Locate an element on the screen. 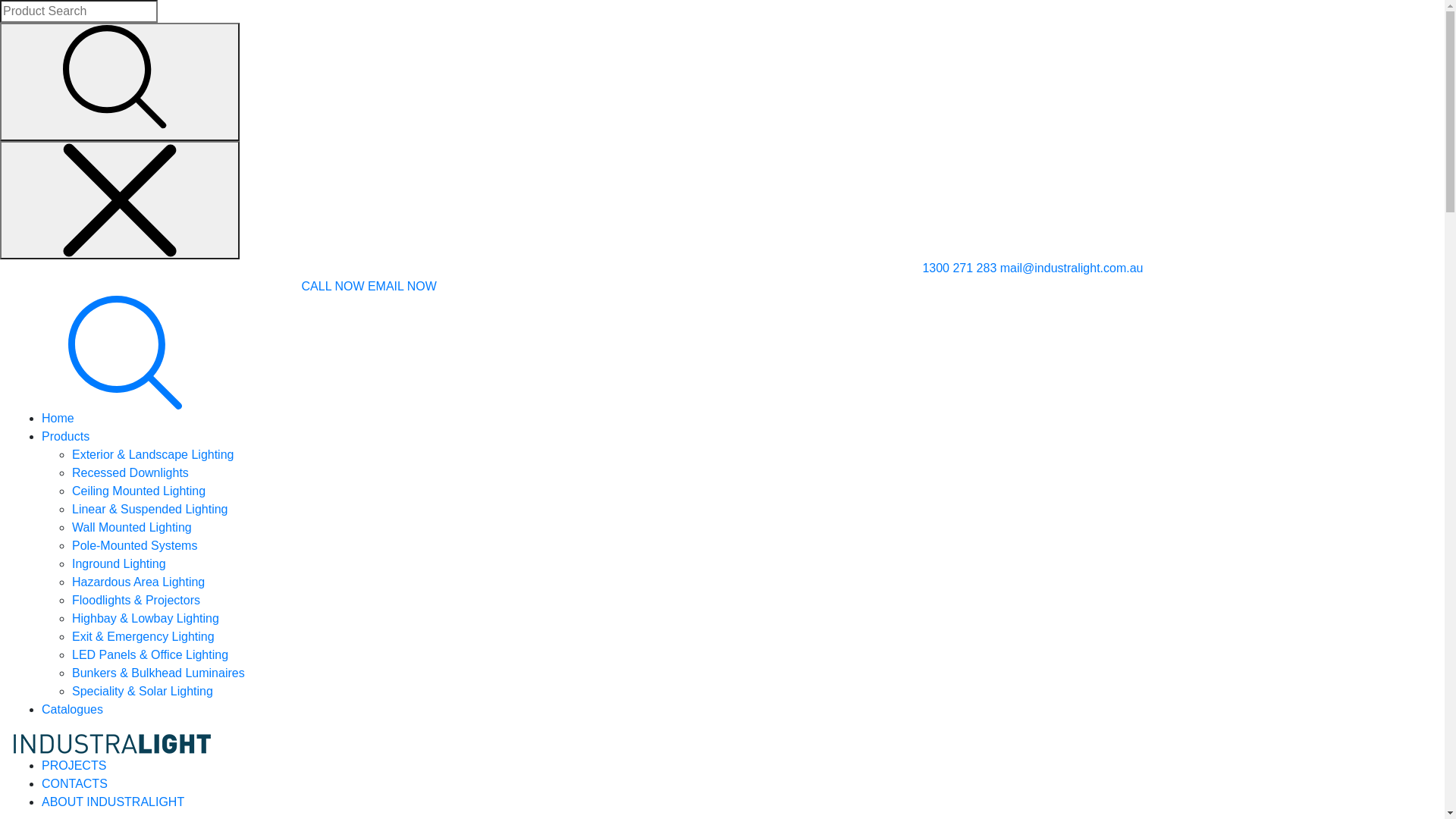  'PROJECTS' is located at coordinates (73, 765).